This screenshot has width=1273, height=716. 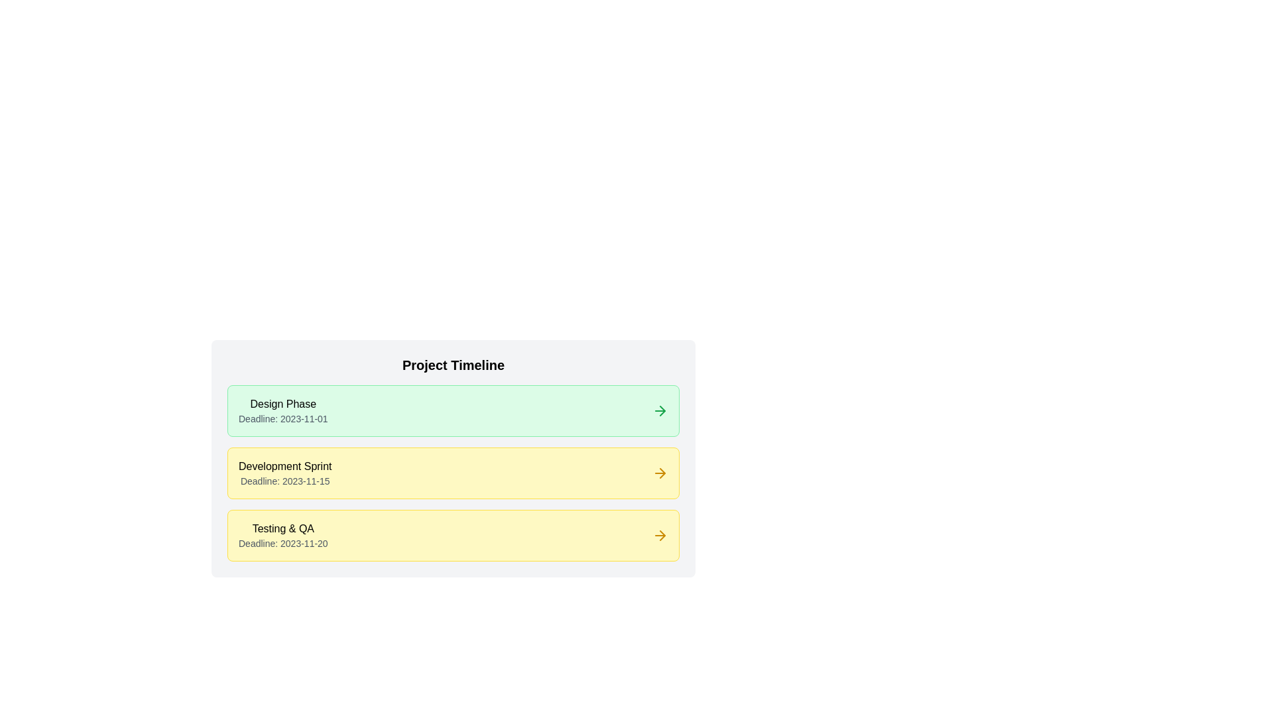 What do you see at coordinates (282, 544) in the screenshot?
I see `the static text displaying the deadline date for the 'Testing & QA' task, located below the task title within the yellow task block` at bounding box center [282, 544].